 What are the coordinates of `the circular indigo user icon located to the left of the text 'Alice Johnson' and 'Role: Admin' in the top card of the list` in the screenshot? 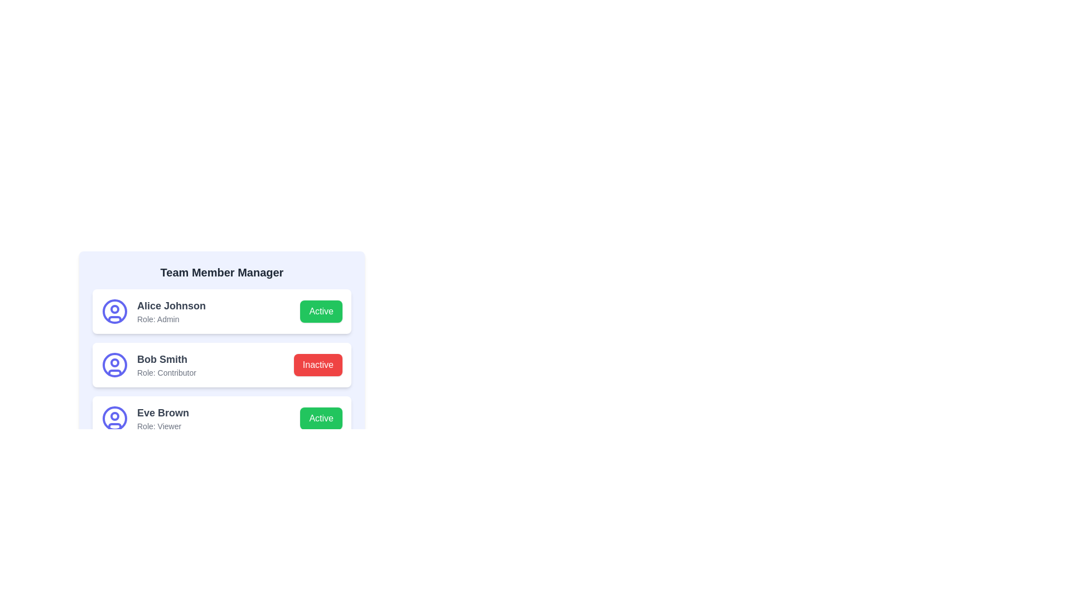 It's located at (115, 312).